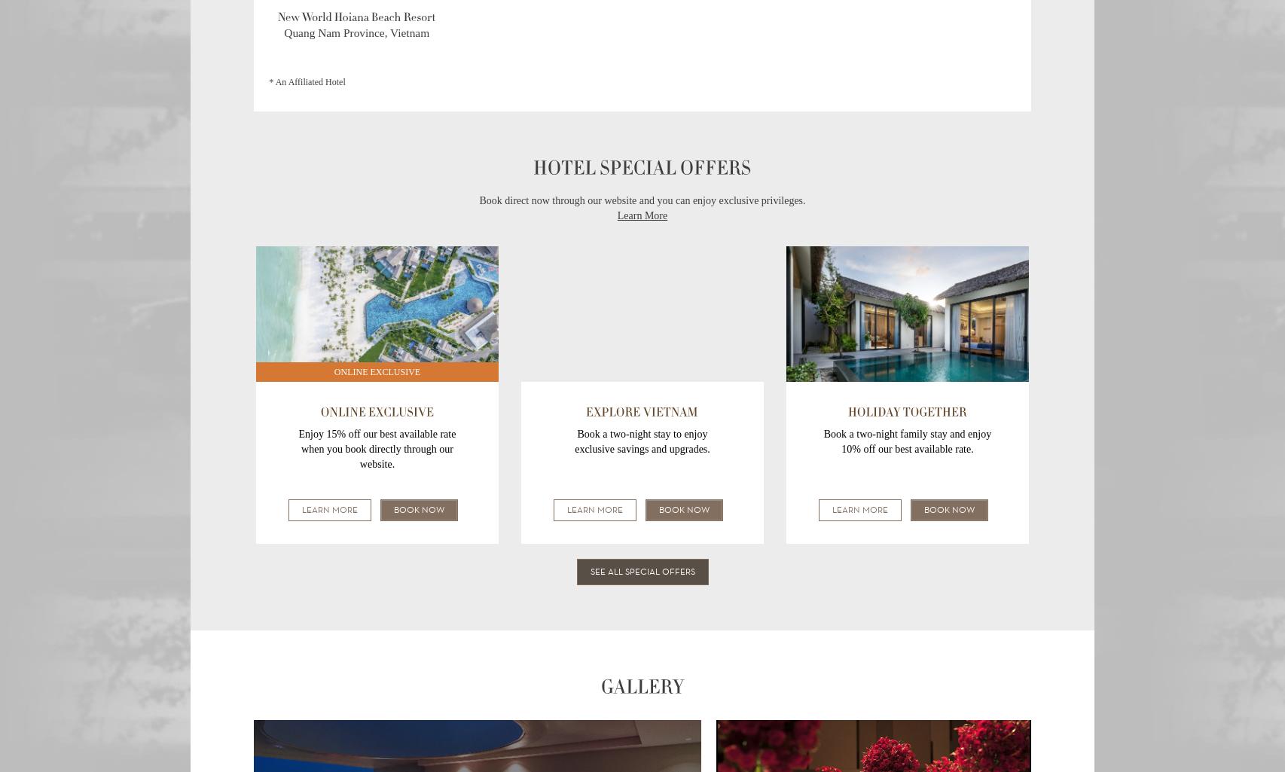  What do you see at coordinates (641, 215) in the screenshot?
I see `'Learn More'` at bounding box center [641, 215].